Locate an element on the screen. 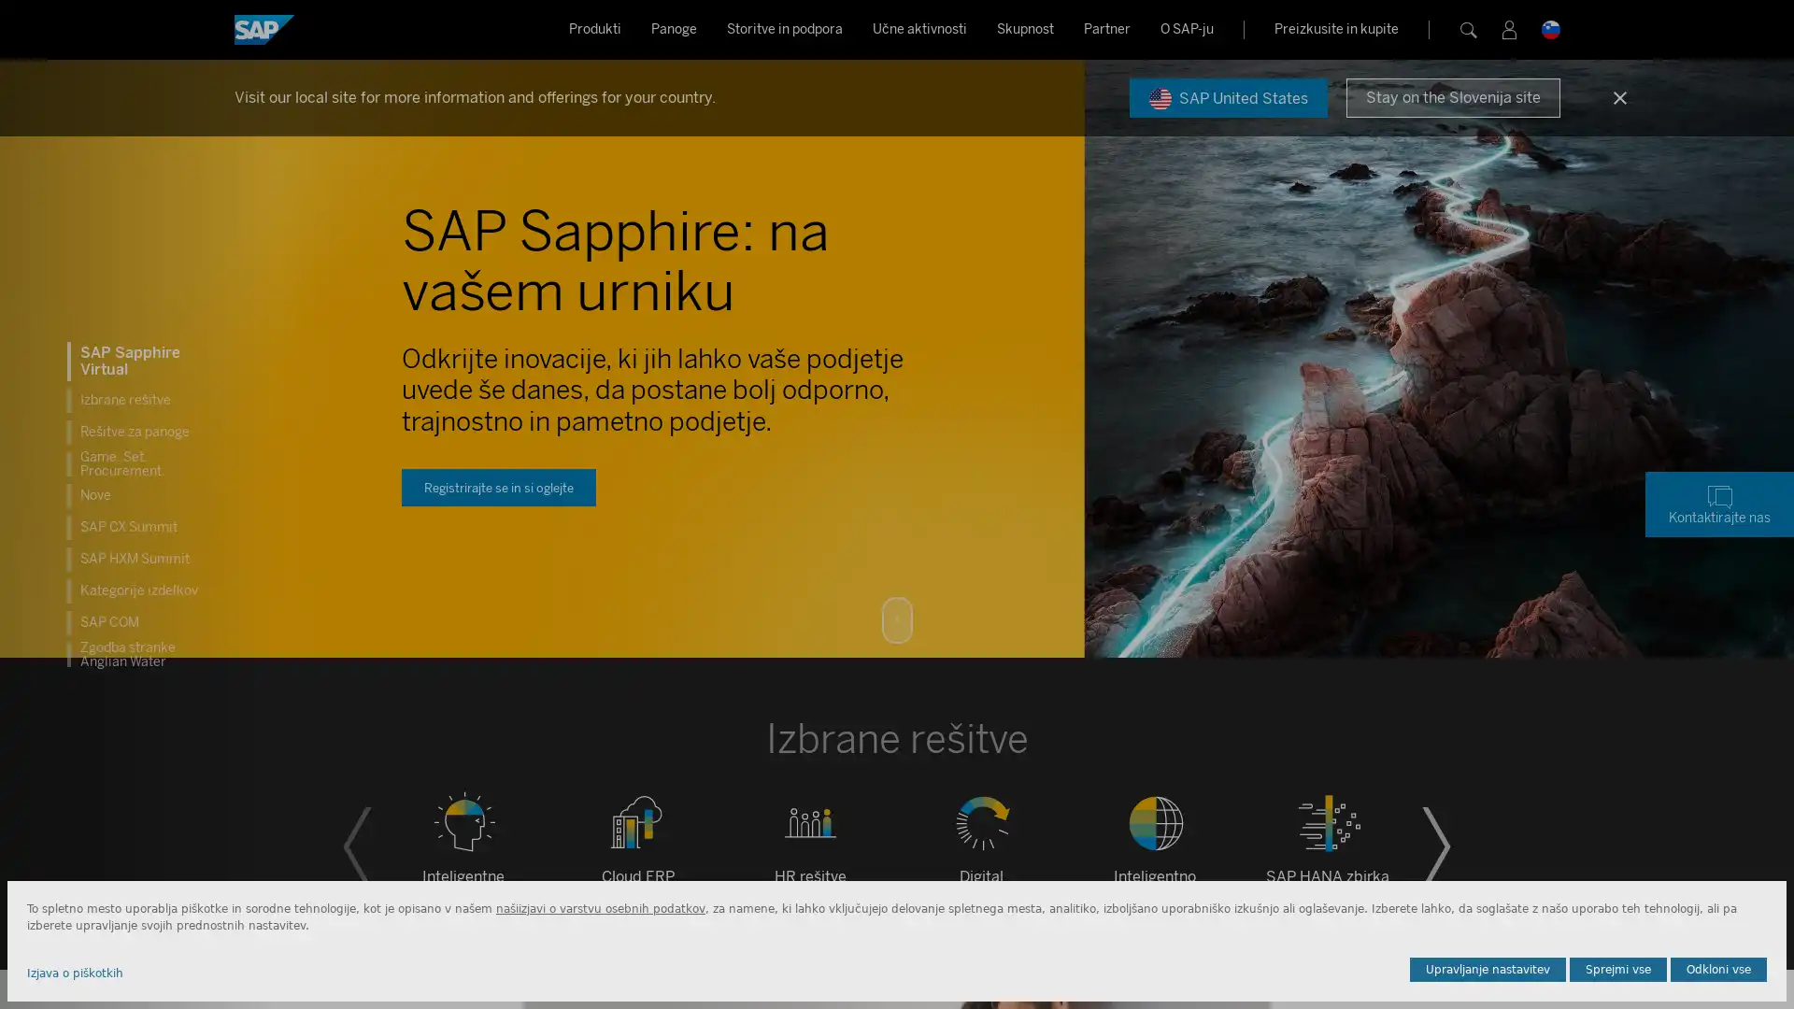 This screenshot has width=1794, height=1009. Odkloni vse is located at coordinates (1718, 968).